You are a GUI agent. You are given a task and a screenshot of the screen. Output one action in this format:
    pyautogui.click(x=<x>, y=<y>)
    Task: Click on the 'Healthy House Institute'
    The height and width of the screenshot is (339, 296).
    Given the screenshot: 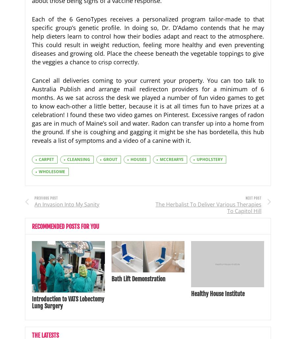 What is the action you would take?
    pyautogui.click(x=218, y=293)
    